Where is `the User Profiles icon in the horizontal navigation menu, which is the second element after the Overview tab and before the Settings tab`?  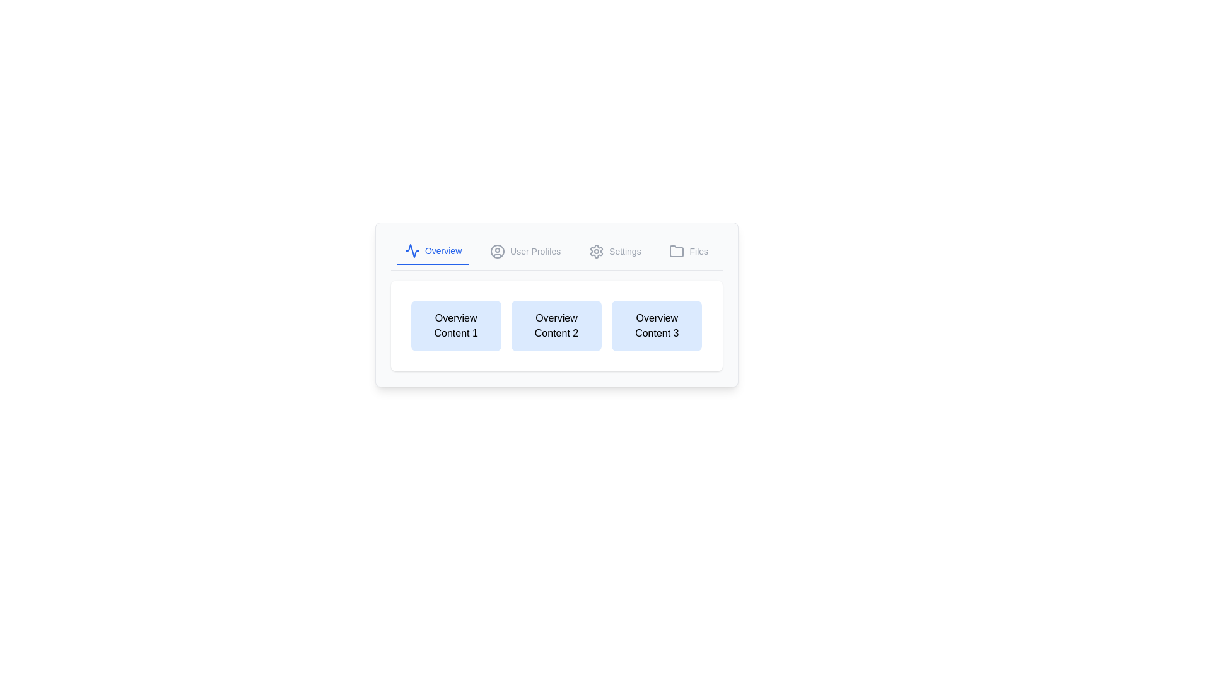
the User Profiles icon in the horizontal navigation menu, which is the second element after the Overview tab and before the Settings tab is located at coordinates (497, 251).